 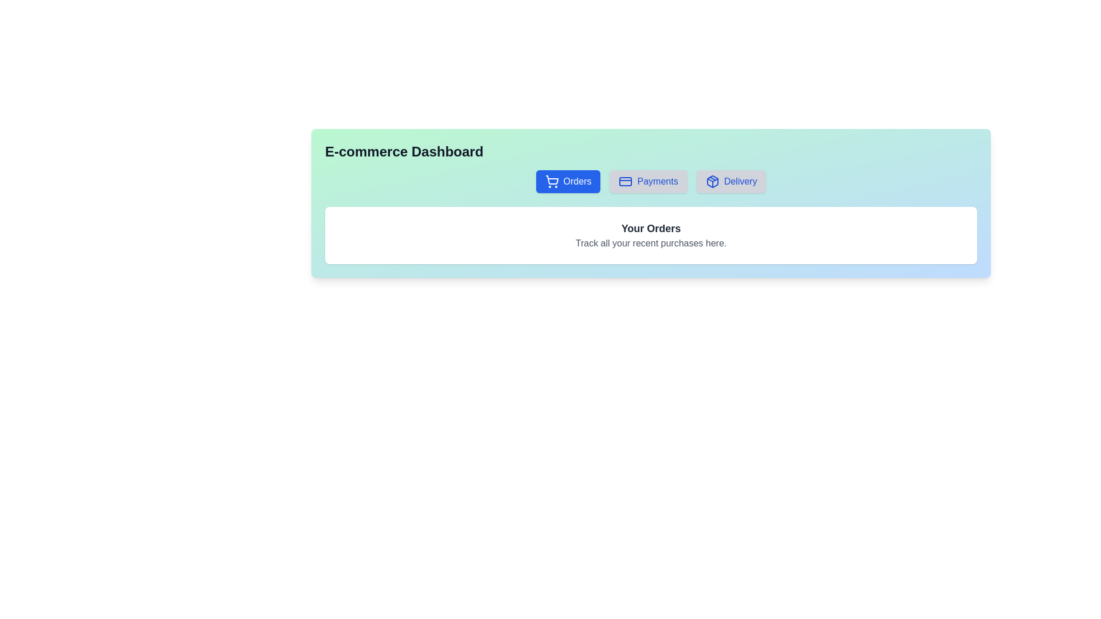 I want to click on the blue outlined 3D box icon representing the 'Delivery' option, so click(x=712, y=181).